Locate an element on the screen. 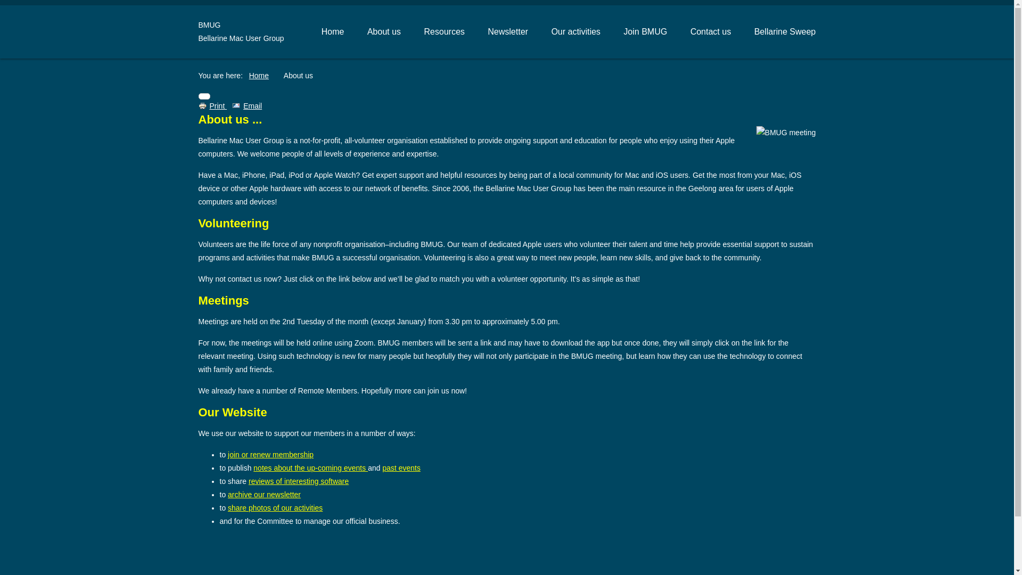 This screenshot has height=575, width=1022. 'join or renew membership' is located at coordinates (270, 454).